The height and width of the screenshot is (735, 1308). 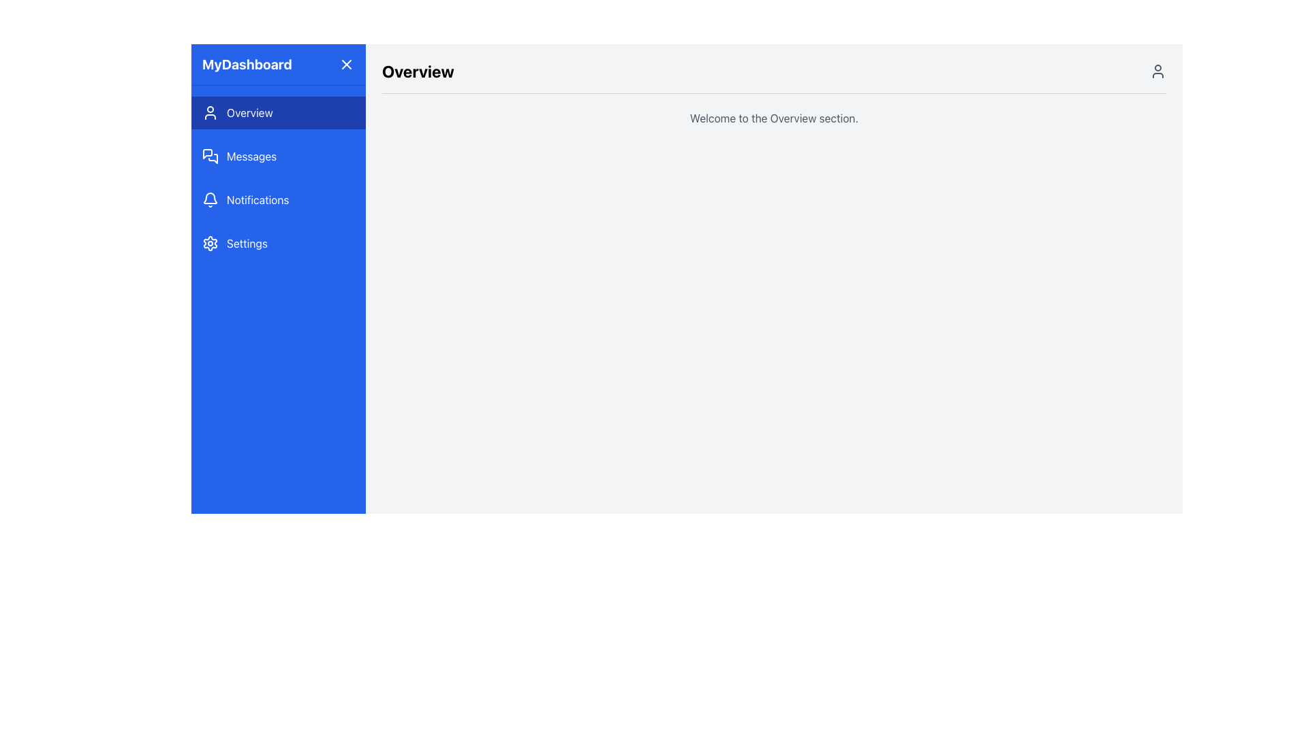 I want to click on the 'MyDashboard' header element, which is styled with a blue background and white text, located at the top of the vertical sidebar, so click(x=277, y=65).